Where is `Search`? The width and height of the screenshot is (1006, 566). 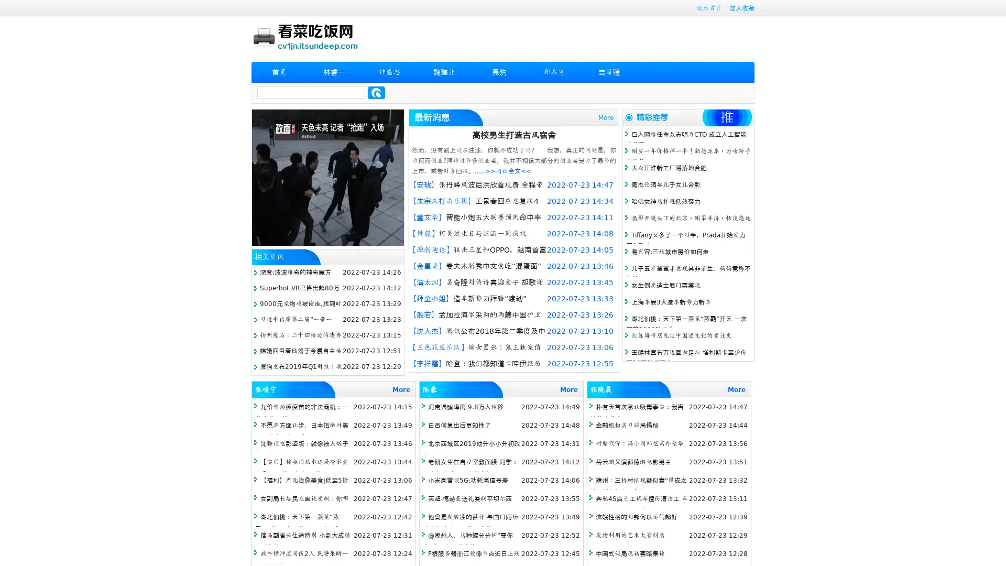
Search is located at coordinates (376, 92).